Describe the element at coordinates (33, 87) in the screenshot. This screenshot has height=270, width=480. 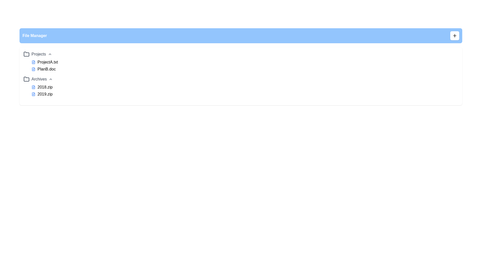
I see `the small blue file icon styled as a document located to the left of '2018.zip'` at that location.